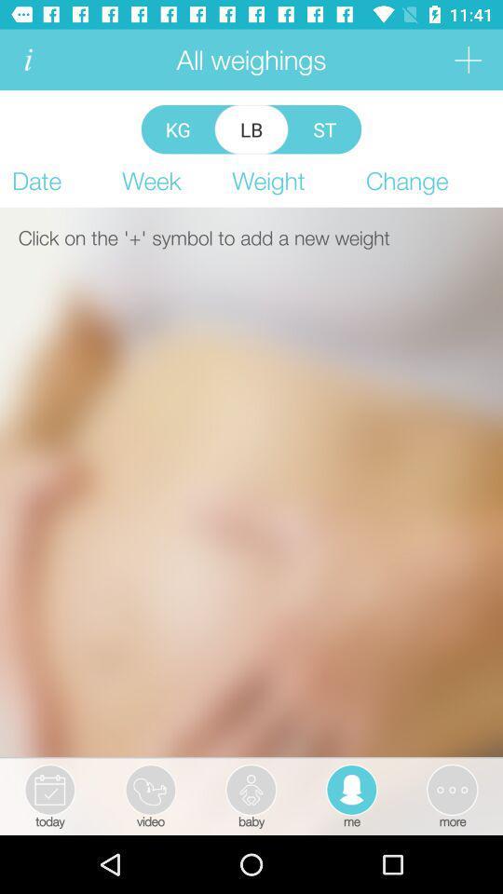  I want to click on information of user, so click(27, 60).